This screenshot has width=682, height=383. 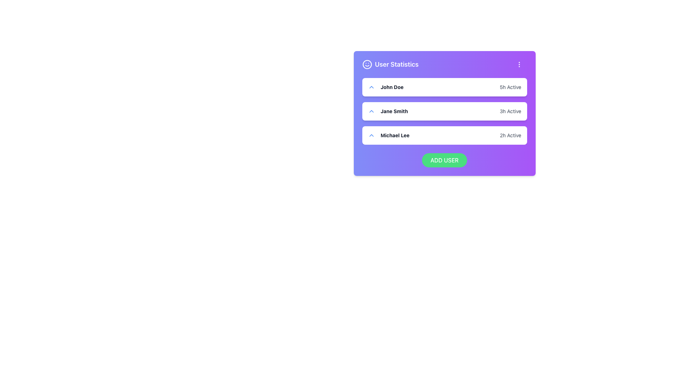 What do you see at coordinates (519, 64) in the screenshot?
I see `the vertical ellipsis icon consisting of three vertically aligned dots located in the top-right corner of the panel with a purple gradient background` at bounding box center [519, 64].